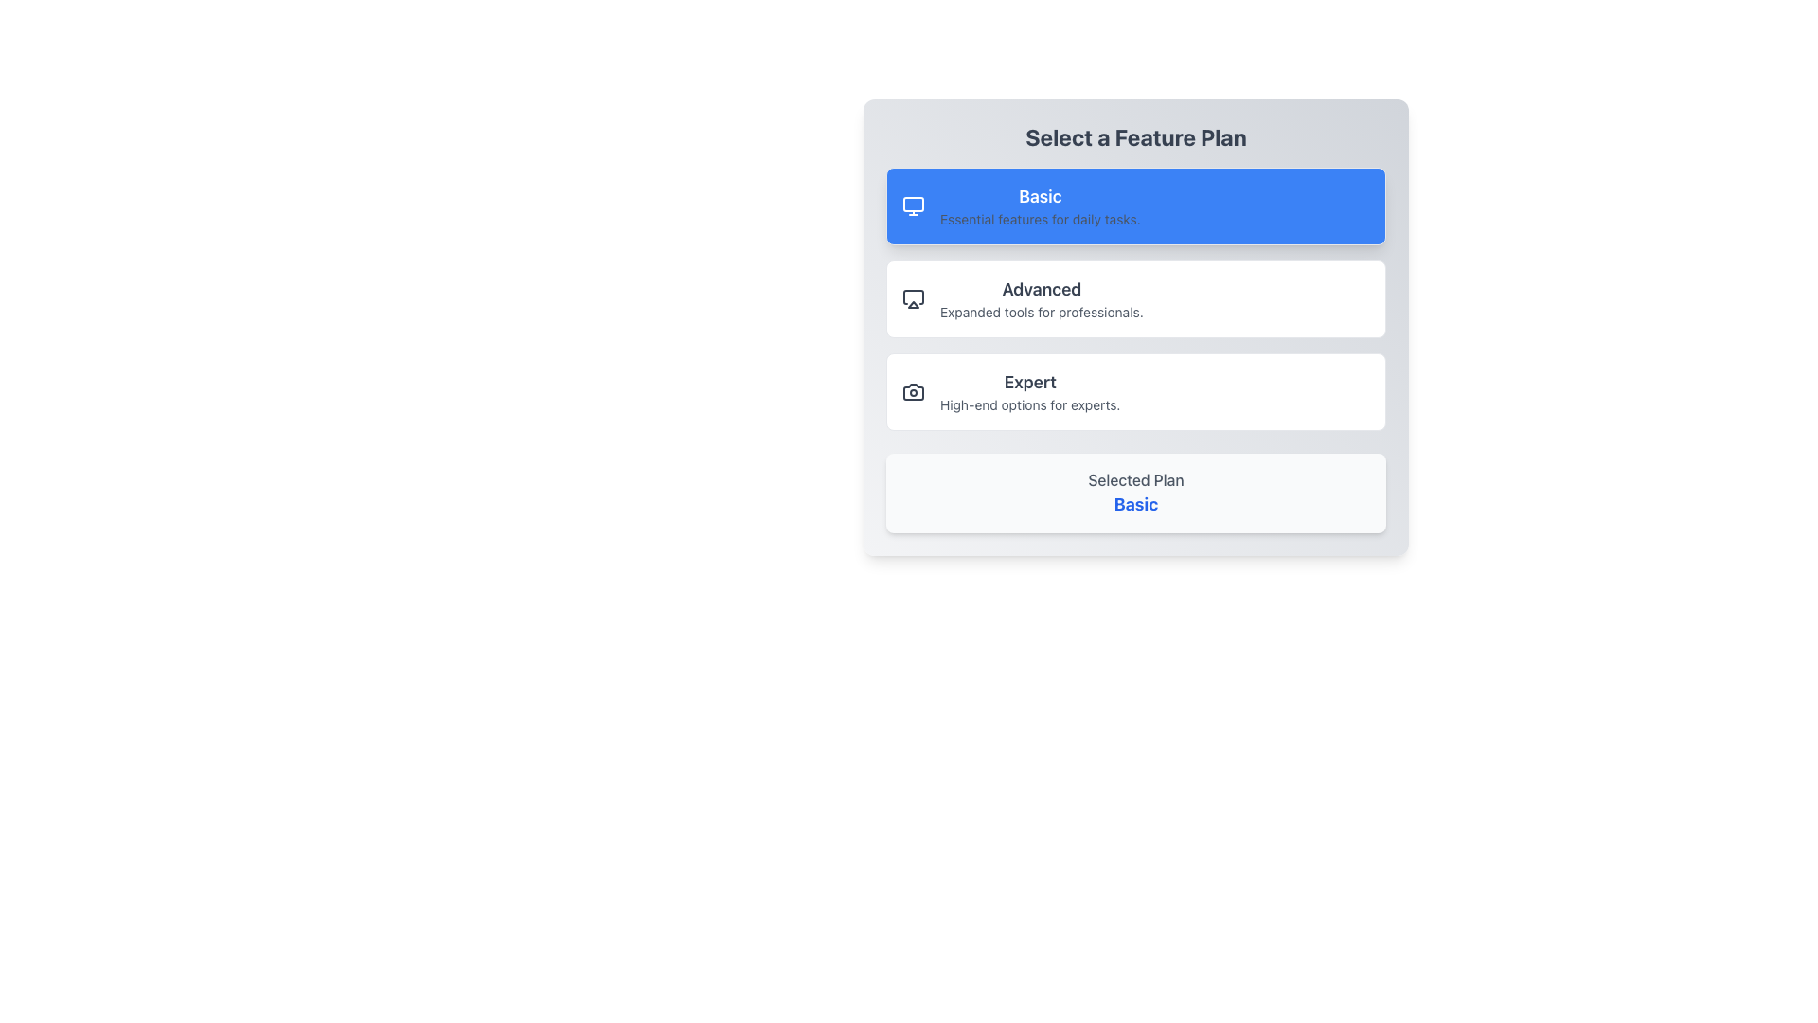  I want to click on the 'Advanced' plan selection button located in the middle of the feature selection area, which is positioned below the 'Basic' plan and above the 'Expert' plan, so click(1136, 327).